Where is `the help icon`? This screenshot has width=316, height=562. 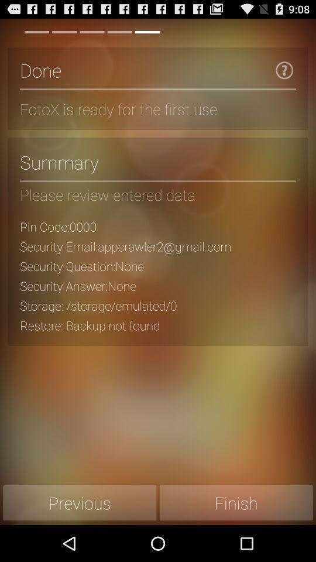 the help icon is located at coordinates (284, 74).